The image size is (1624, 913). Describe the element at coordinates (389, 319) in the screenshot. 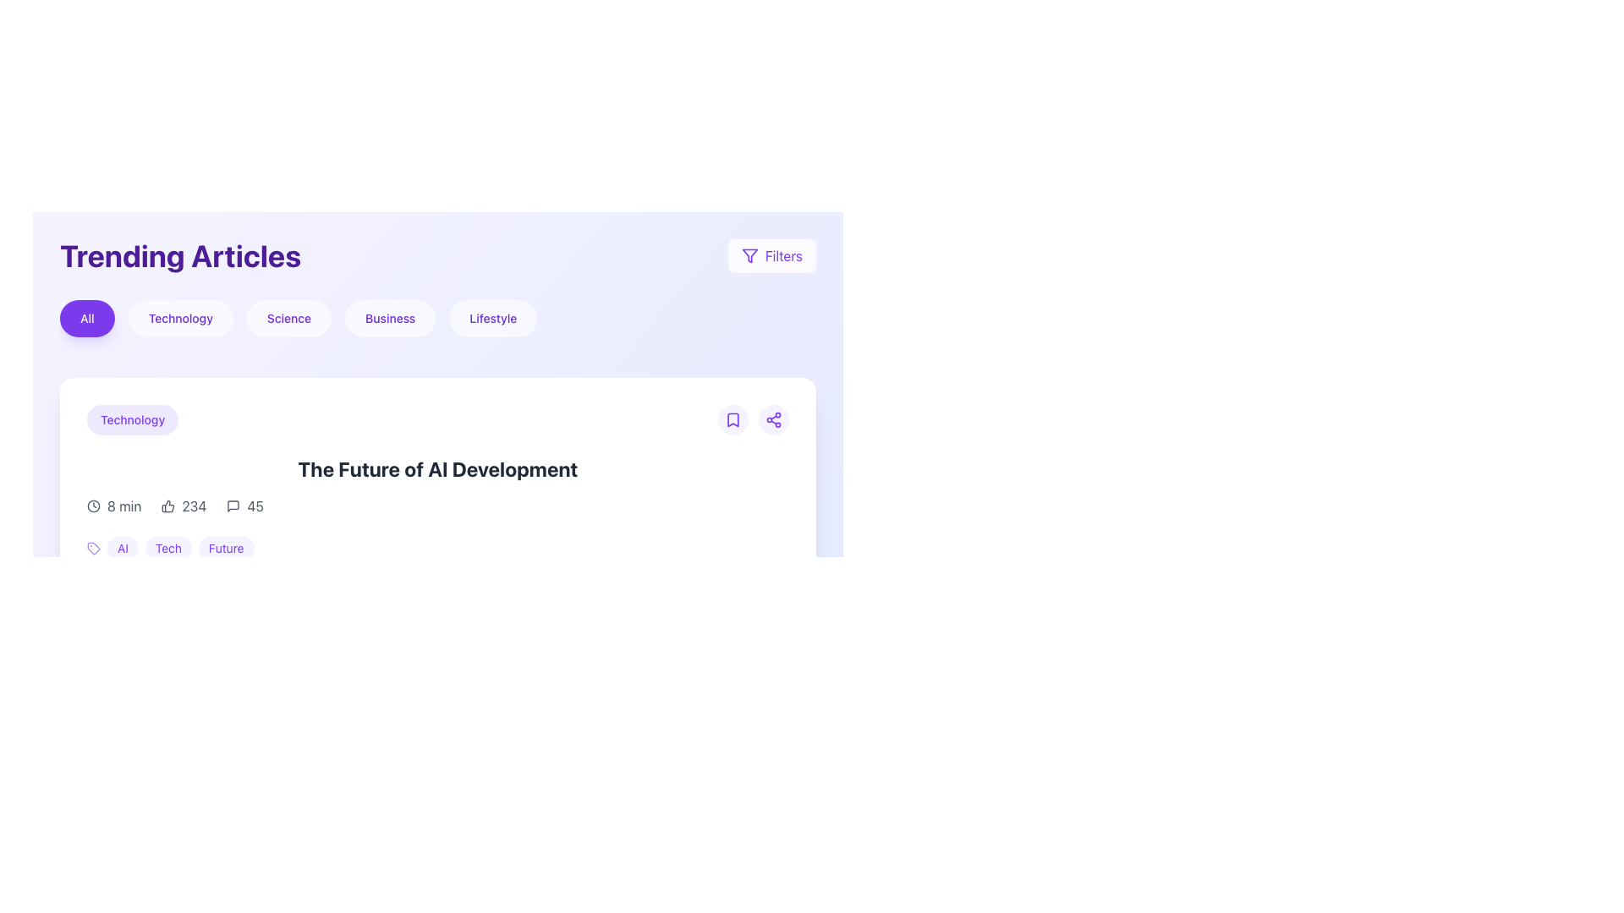

I see `the filter button that allows users` at that location.